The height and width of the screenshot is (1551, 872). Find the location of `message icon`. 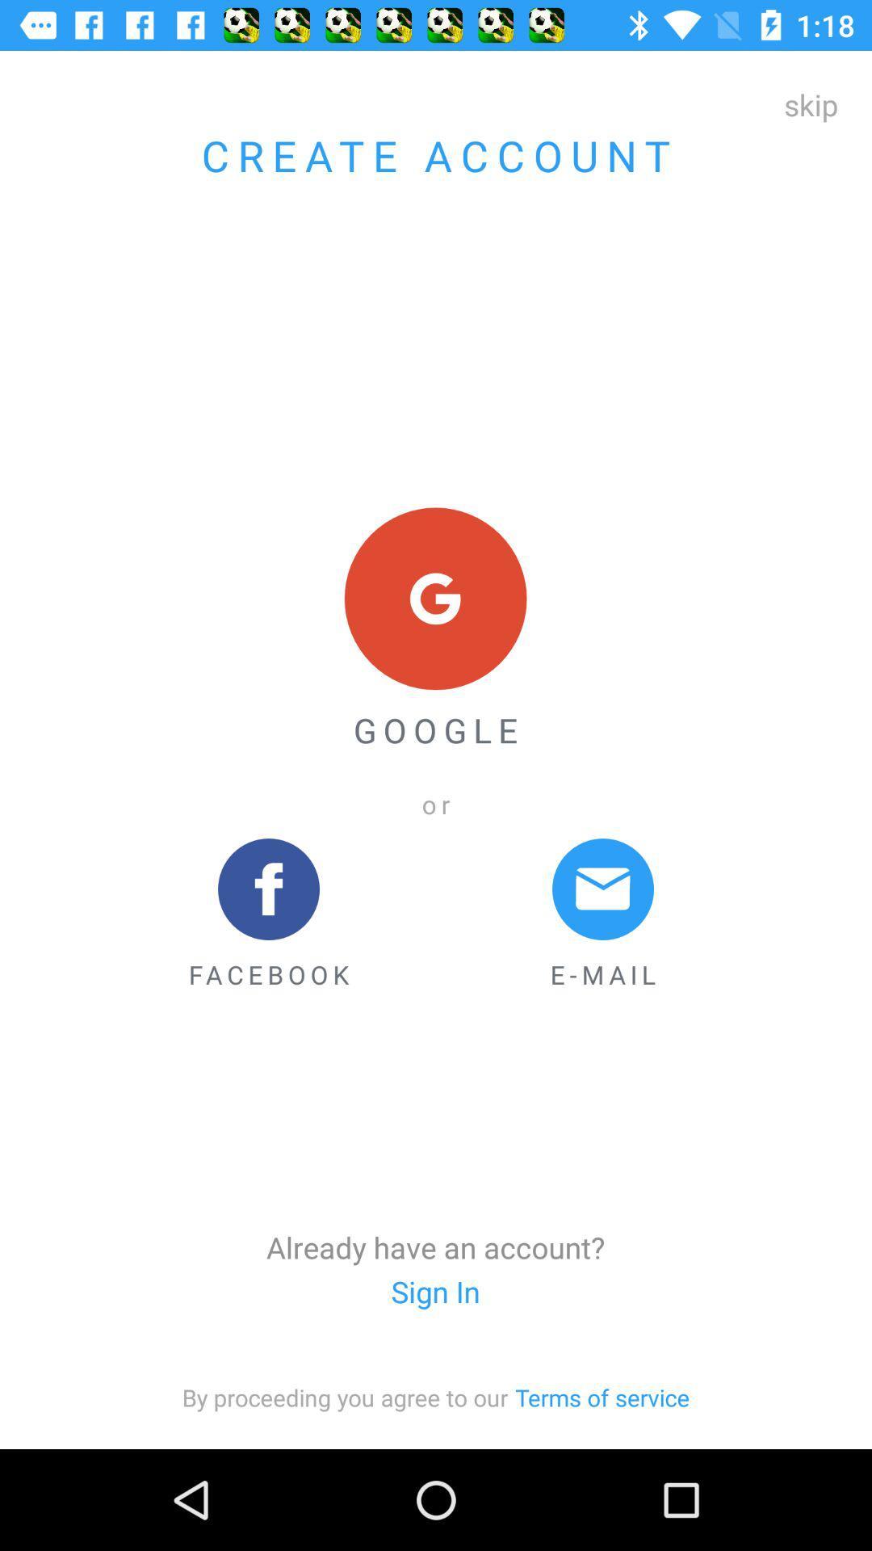

message icon is located at coordinates (603, 888).